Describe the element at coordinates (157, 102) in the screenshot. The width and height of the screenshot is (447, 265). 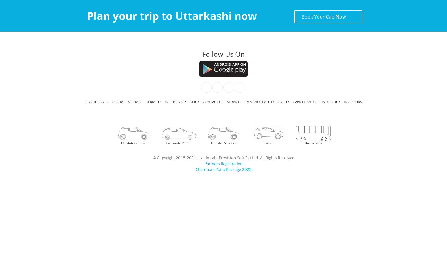
I see `'Terms of Use'` at that location.